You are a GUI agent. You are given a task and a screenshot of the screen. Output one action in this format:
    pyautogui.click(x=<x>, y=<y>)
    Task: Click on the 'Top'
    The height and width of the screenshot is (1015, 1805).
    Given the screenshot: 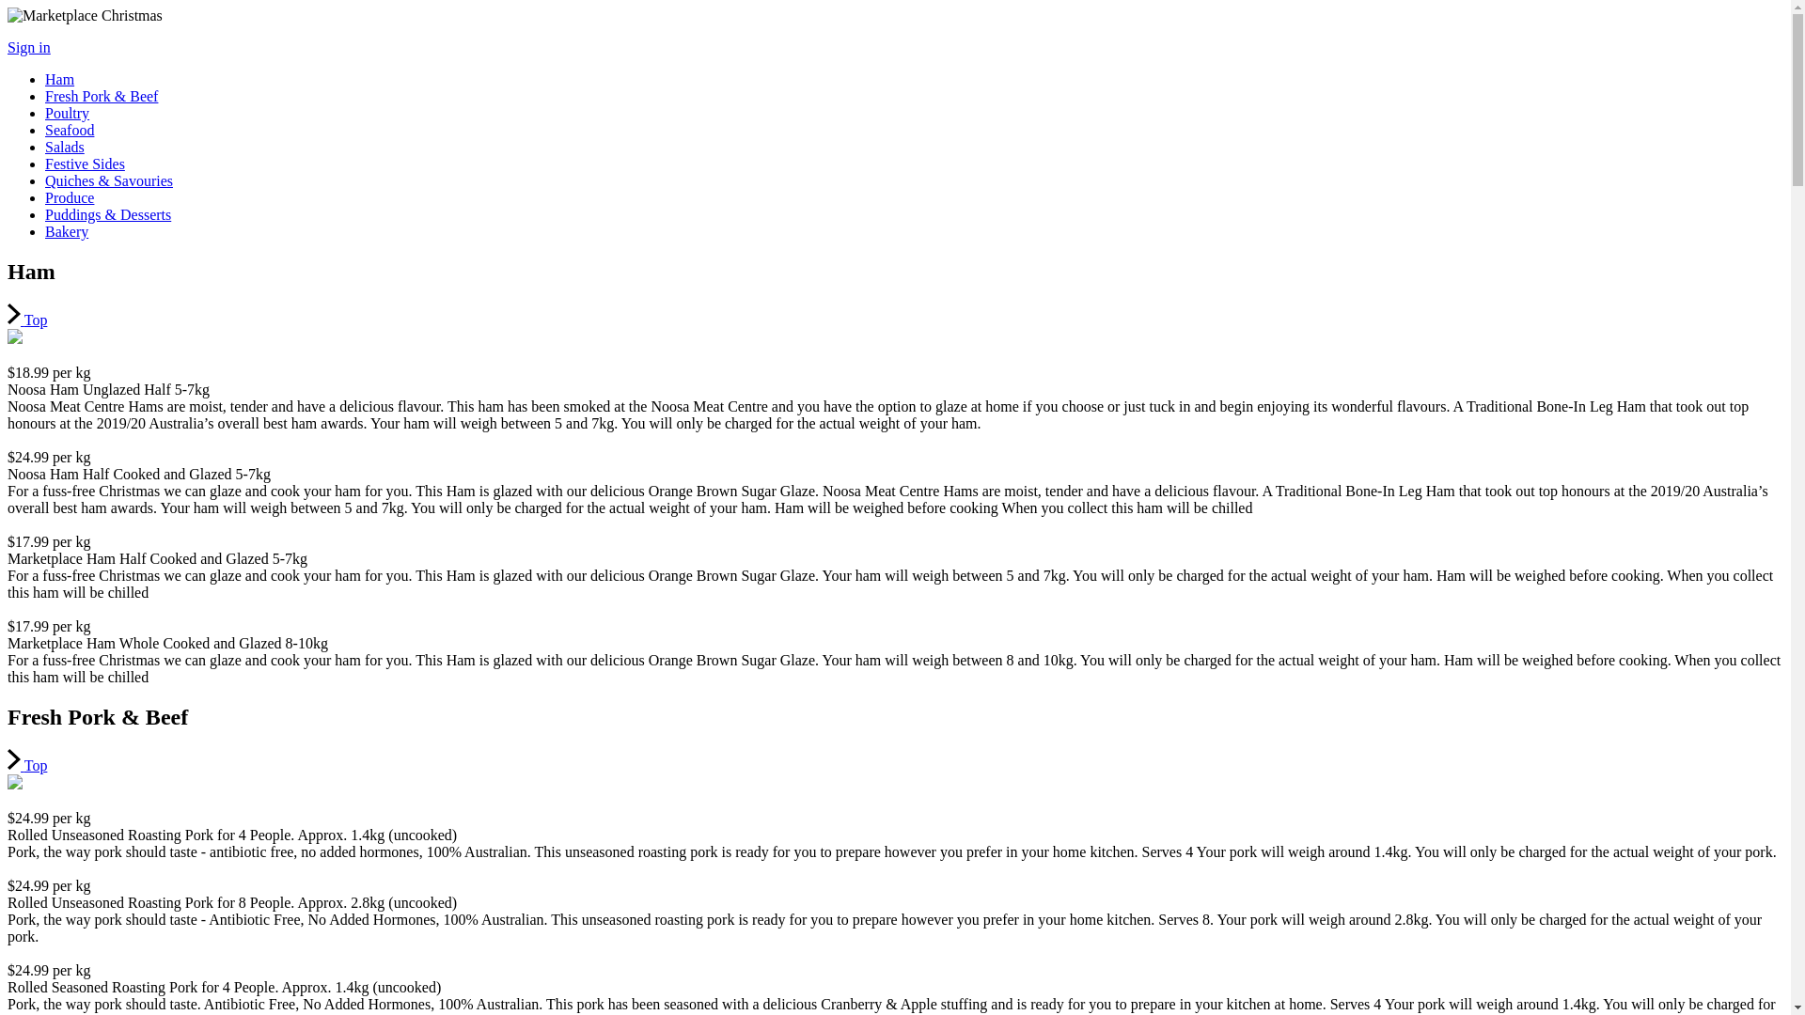 What is the action you would take?
    pyautogui.click(x=26, y=765)
    